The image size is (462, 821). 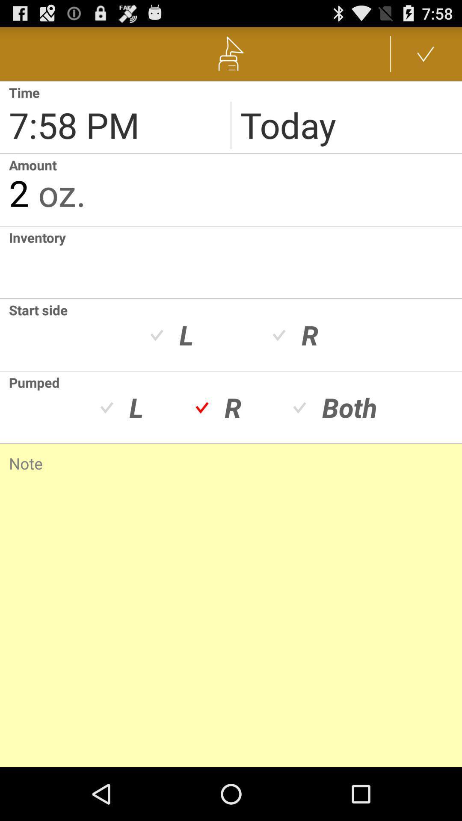 What do you see at coordinates (426, 53) in the screenshot?
I see `complete the action` at bounding box center [426, 53].